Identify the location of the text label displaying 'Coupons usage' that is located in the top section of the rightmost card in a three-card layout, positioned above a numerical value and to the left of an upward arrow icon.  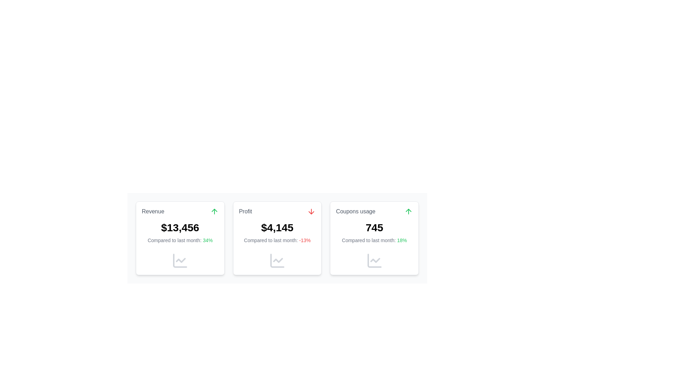
(356, 211).